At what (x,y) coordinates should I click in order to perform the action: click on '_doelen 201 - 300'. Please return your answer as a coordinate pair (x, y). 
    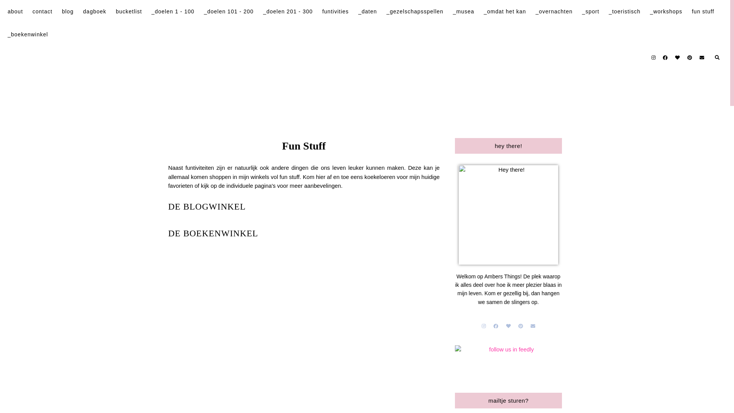
    Looking at the image, I should click on (287, 11).